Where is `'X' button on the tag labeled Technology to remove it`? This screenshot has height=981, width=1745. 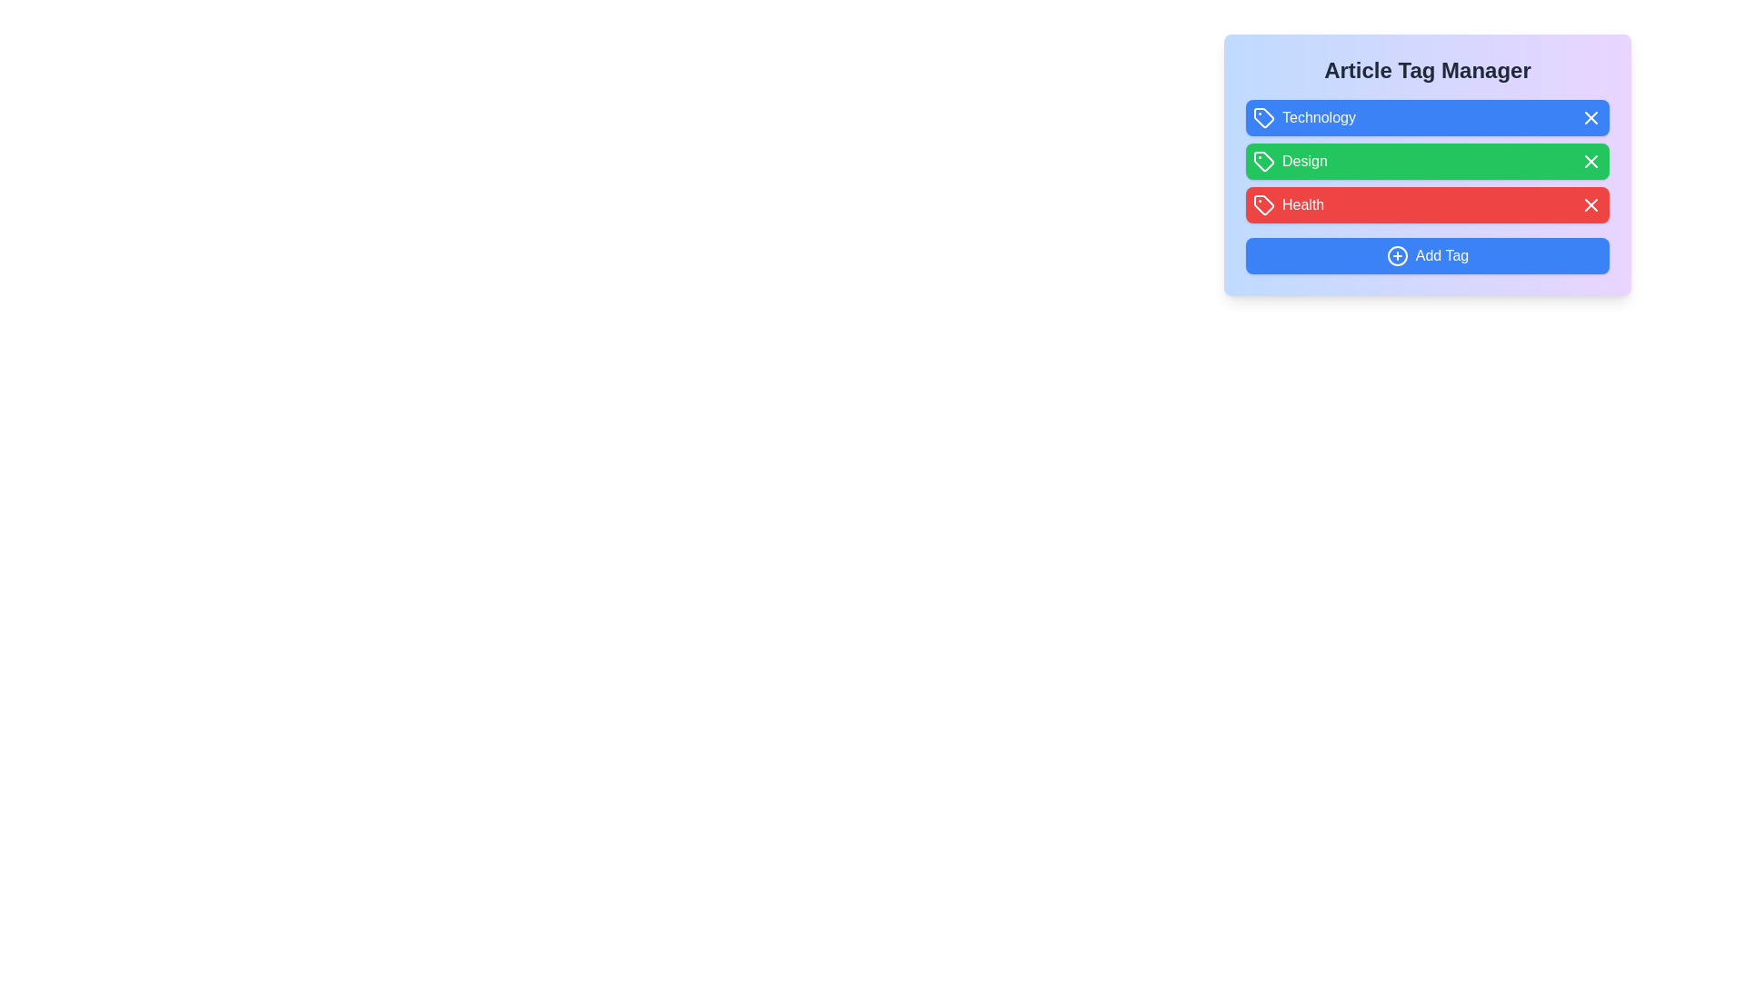
'X' button on the tag labeled Technology to remove it is located at coordinates (1590, 118).